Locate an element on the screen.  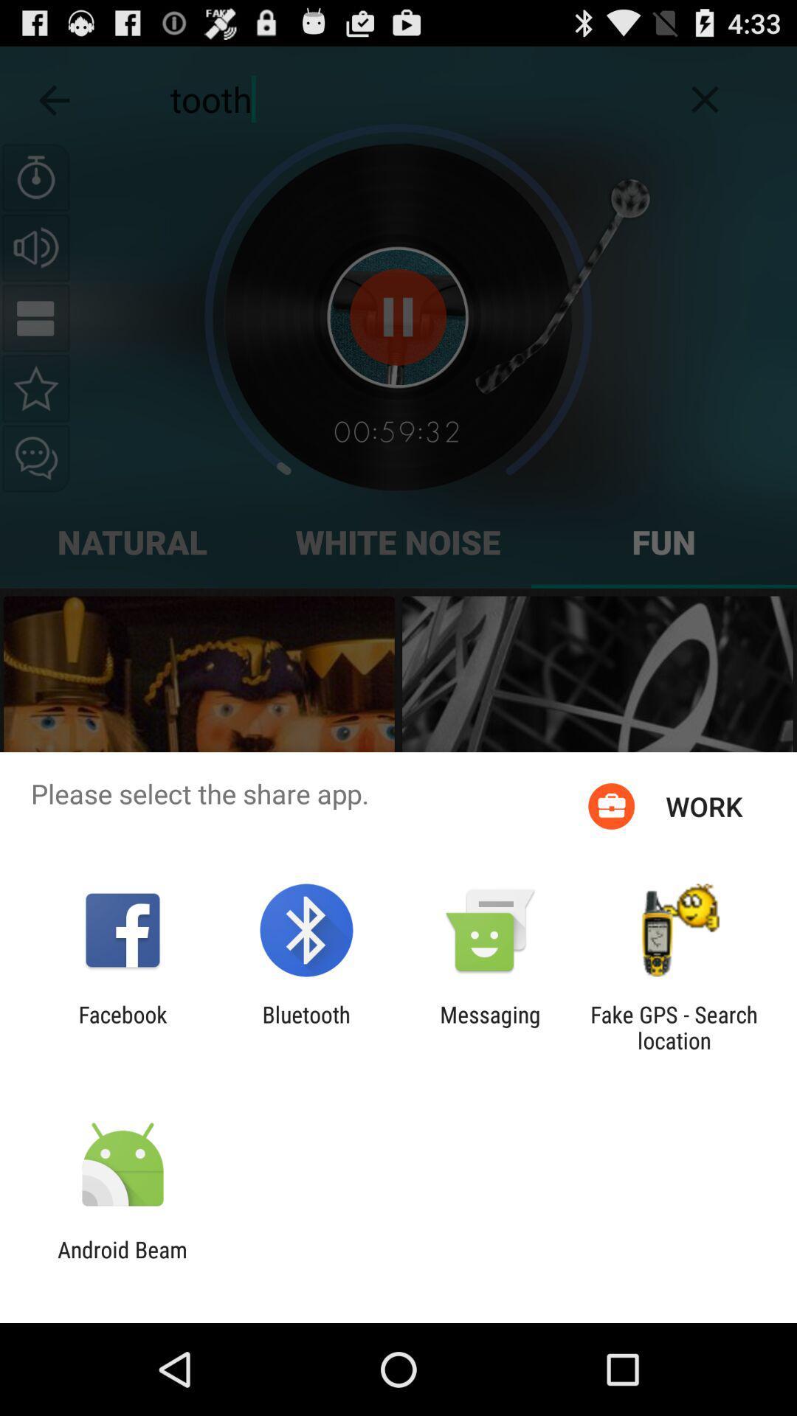
android beam icon is located at coordinates (122, 1262).